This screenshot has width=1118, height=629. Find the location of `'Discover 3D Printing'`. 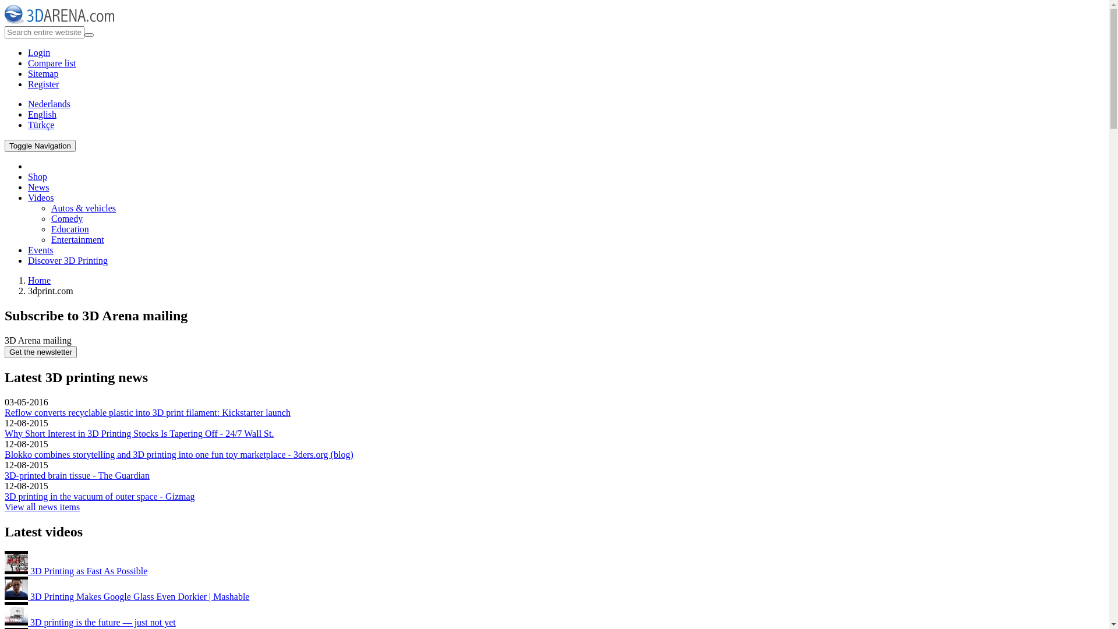

'Discover 3D Printing' is located at coordinates (67, 260).